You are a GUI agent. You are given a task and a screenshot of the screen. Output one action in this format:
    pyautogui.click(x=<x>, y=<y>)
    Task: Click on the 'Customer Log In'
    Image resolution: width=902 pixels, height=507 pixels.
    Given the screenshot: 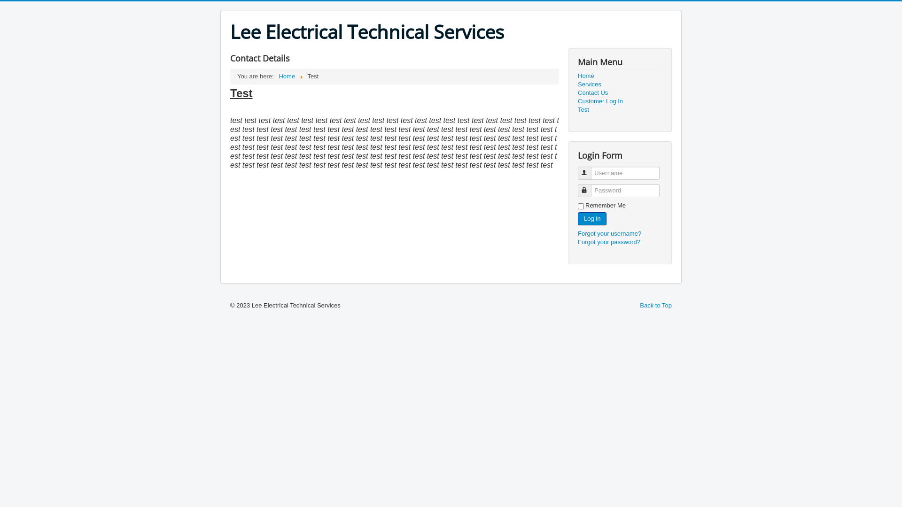 What is the action you would take?
    pyautogui.click(x=577, y=101)
    